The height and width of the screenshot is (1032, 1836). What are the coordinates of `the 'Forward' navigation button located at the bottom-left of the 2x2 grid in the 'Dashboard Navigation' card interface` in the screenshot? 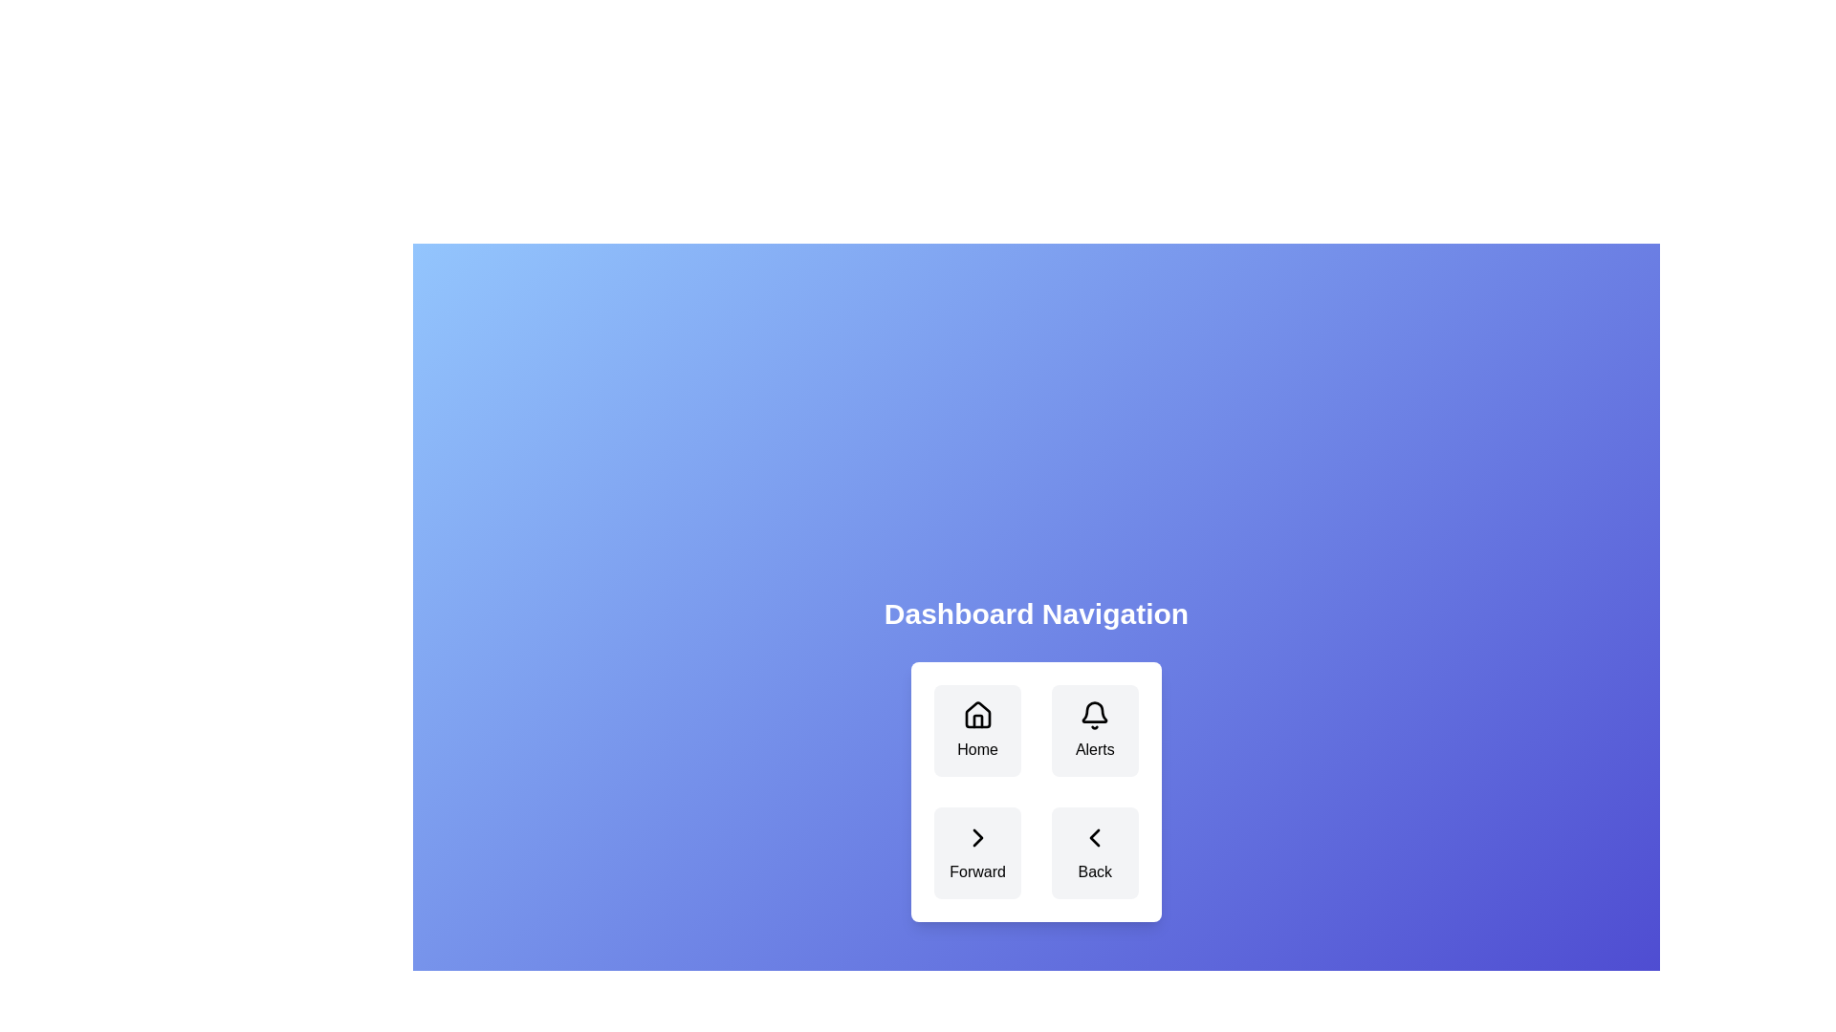 It's located at (977, 852).